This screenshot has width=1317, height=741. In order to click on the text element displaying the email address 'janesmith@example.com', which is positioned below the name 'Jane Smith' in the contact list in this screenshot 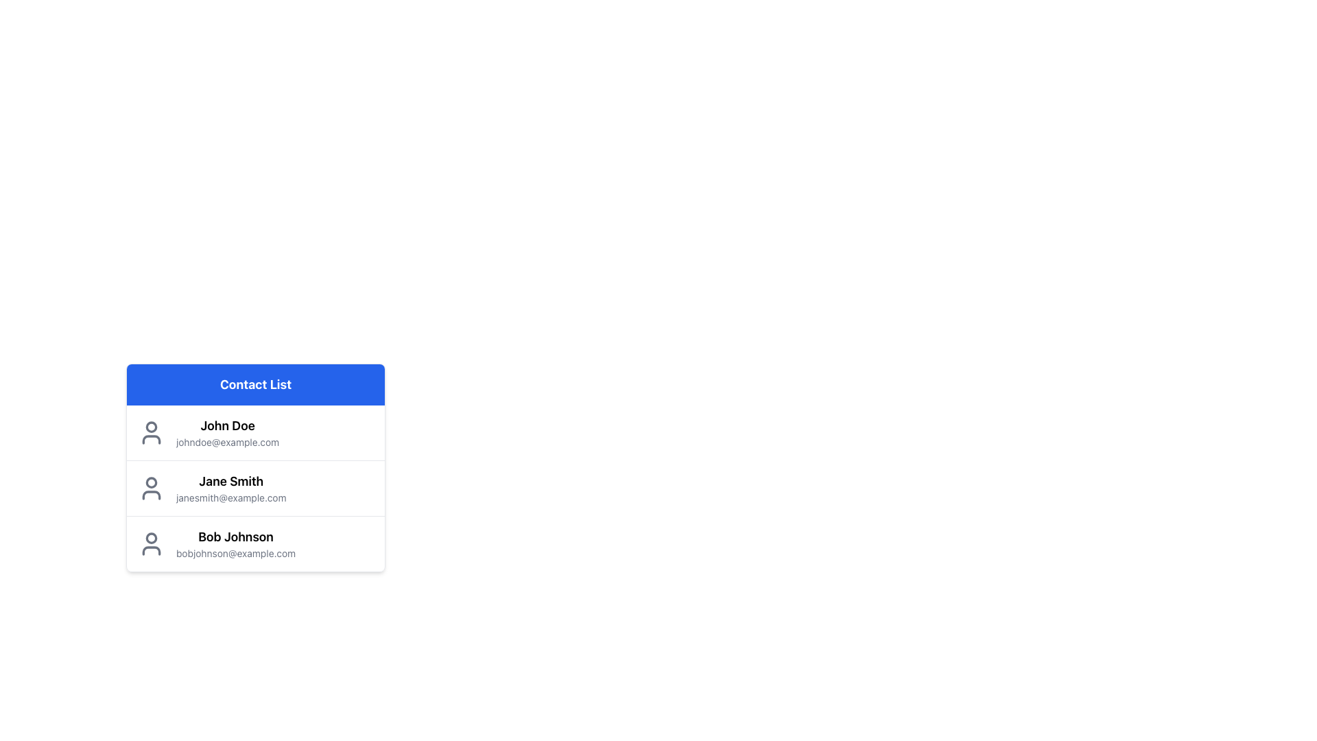, I will do `click(231, 497)`.